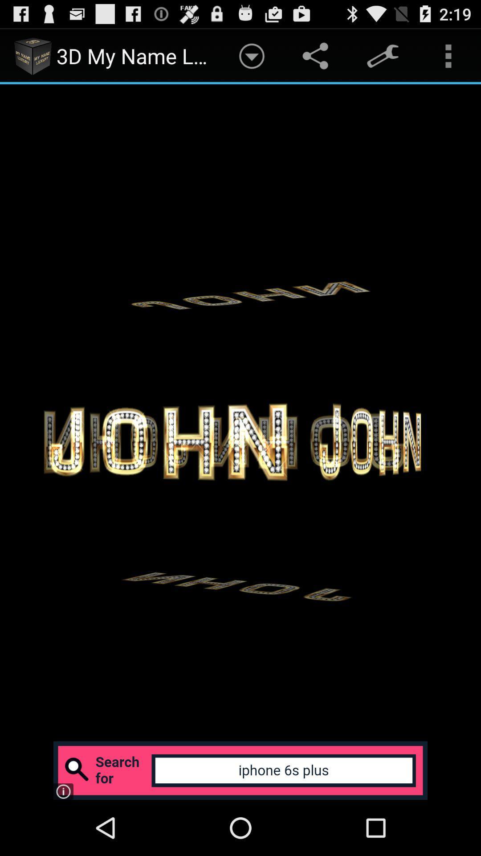 This screenshot has width=481, height=856. I want to click on icon to the right of the 3d my name app, so click(252, 55).